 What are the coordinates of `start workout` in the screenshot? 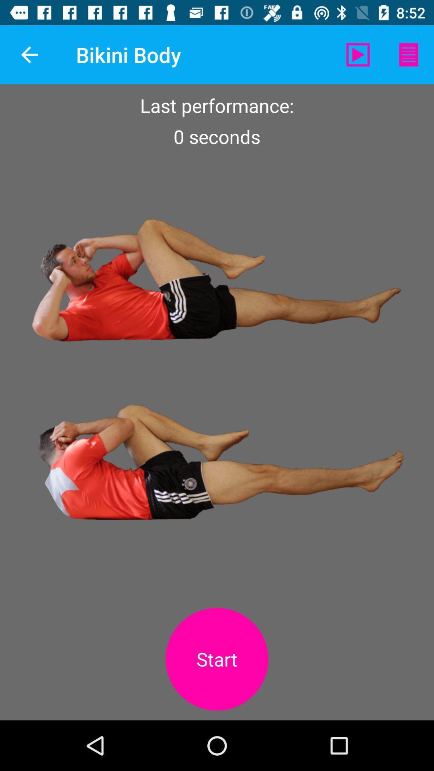 It's located at (217, 659).